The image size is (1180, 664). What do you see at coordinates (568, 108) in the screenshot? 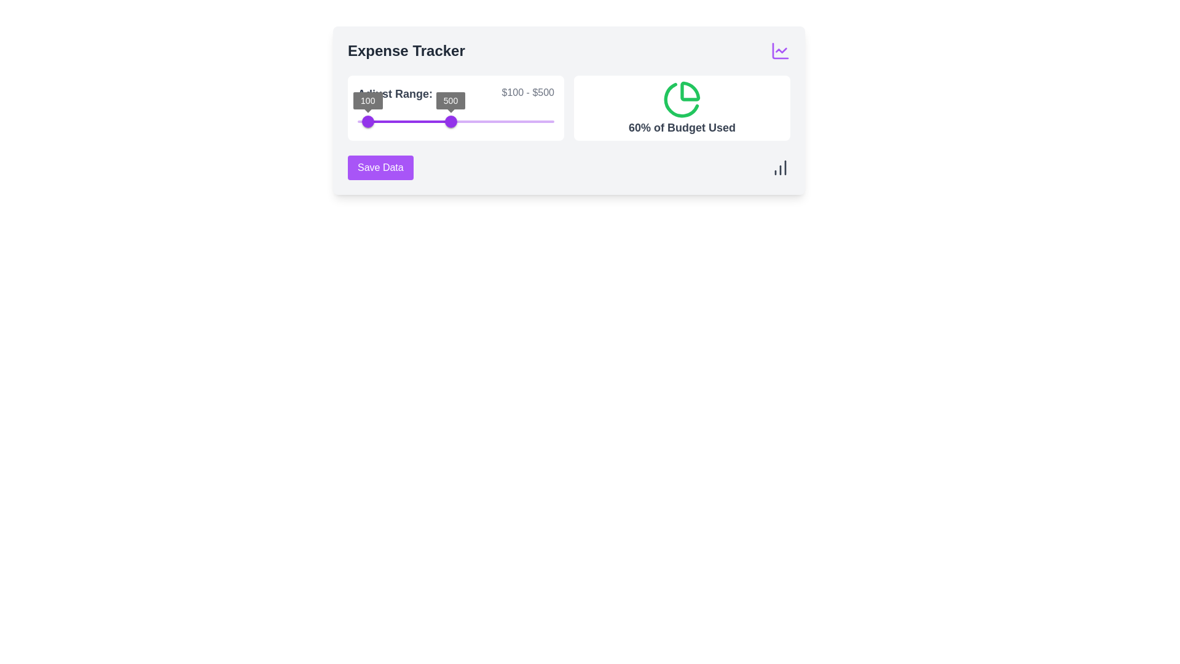
I see `the displayed data in the Informative component showing '60% of Budget Used' next to a green pie chart icon` at bounding box center [568, 108].